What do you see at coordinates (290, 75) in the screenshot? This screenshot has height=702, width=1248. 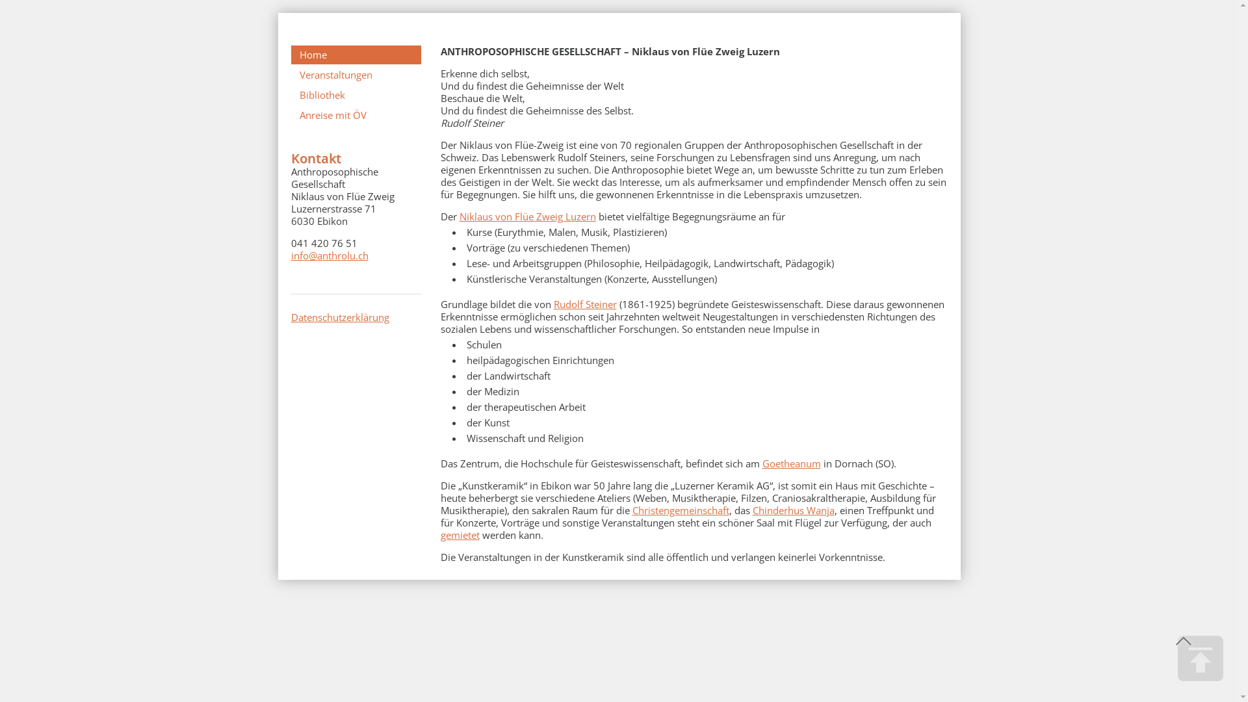 I see `'Veranstaltungen'` at bounding box center [290, 75].